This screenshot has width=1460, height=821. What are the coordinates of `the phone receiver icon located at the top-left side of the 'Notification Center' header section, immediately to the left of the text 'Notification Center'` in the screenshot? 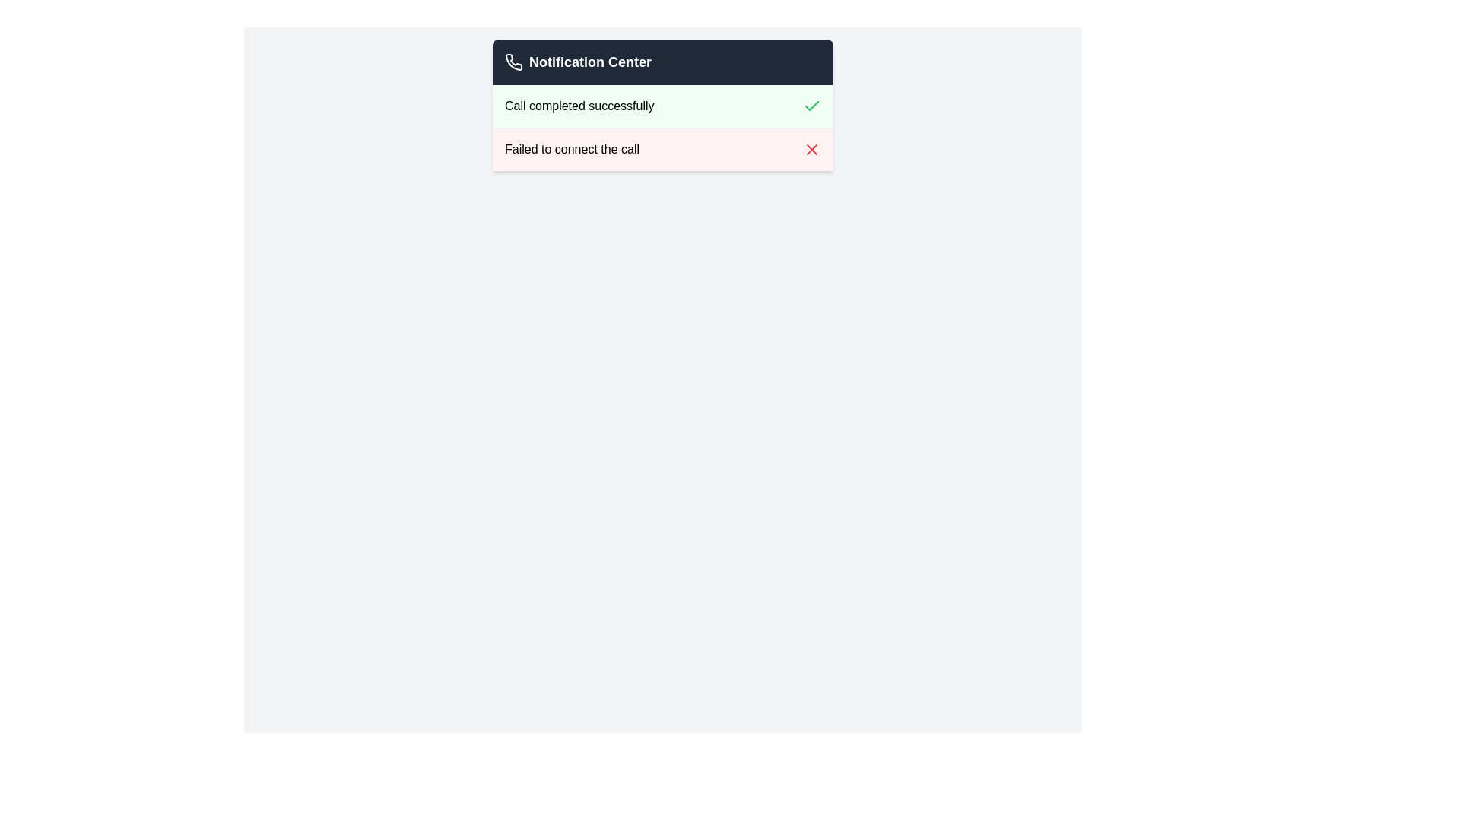 It's located at (514, 61).